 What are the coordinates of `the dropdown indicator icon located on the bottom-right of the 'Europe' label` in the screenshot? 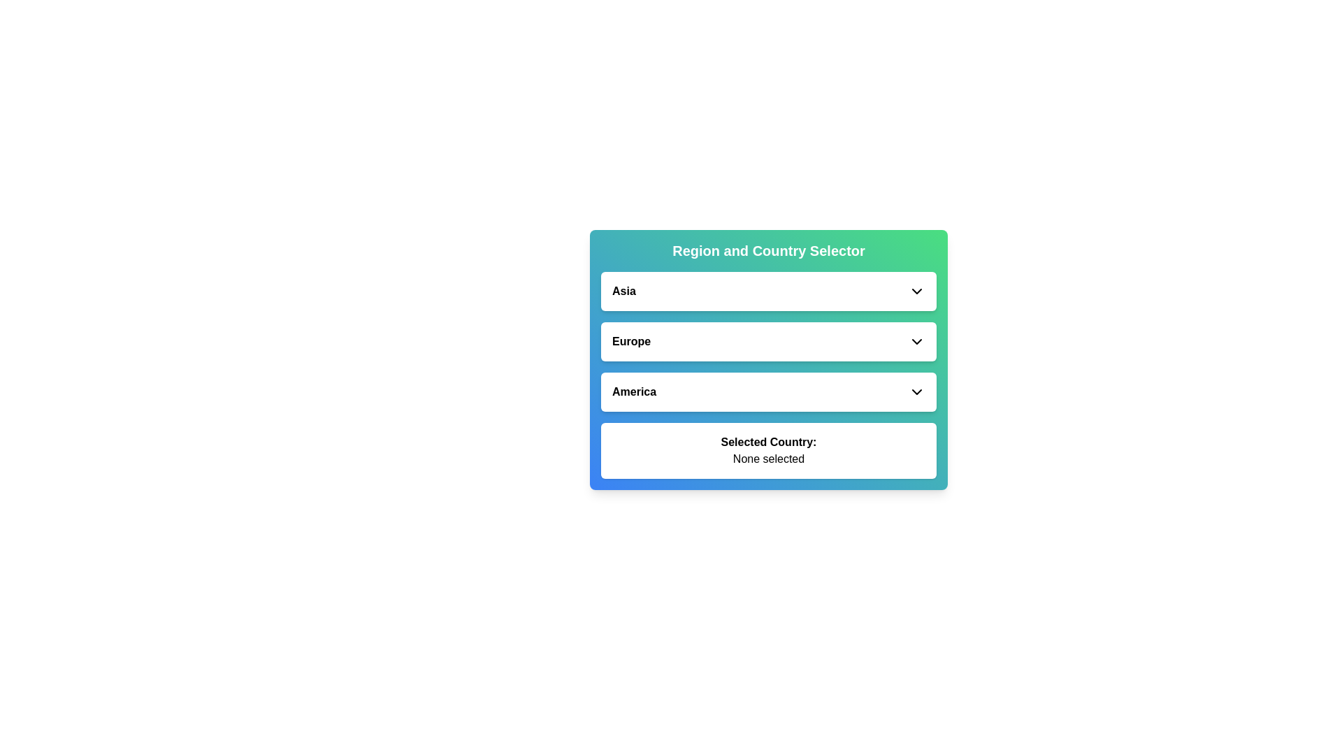 It's located at (916, 342).